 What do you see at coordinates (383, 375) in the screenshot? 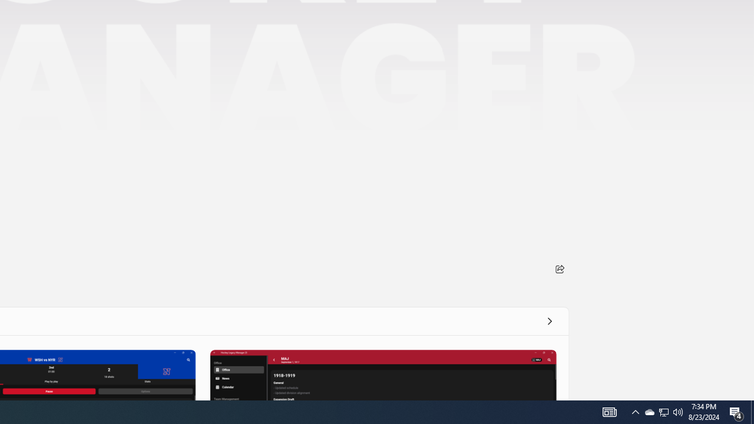
I see `'Screenshot 3'` at bounding box center [383, 375].